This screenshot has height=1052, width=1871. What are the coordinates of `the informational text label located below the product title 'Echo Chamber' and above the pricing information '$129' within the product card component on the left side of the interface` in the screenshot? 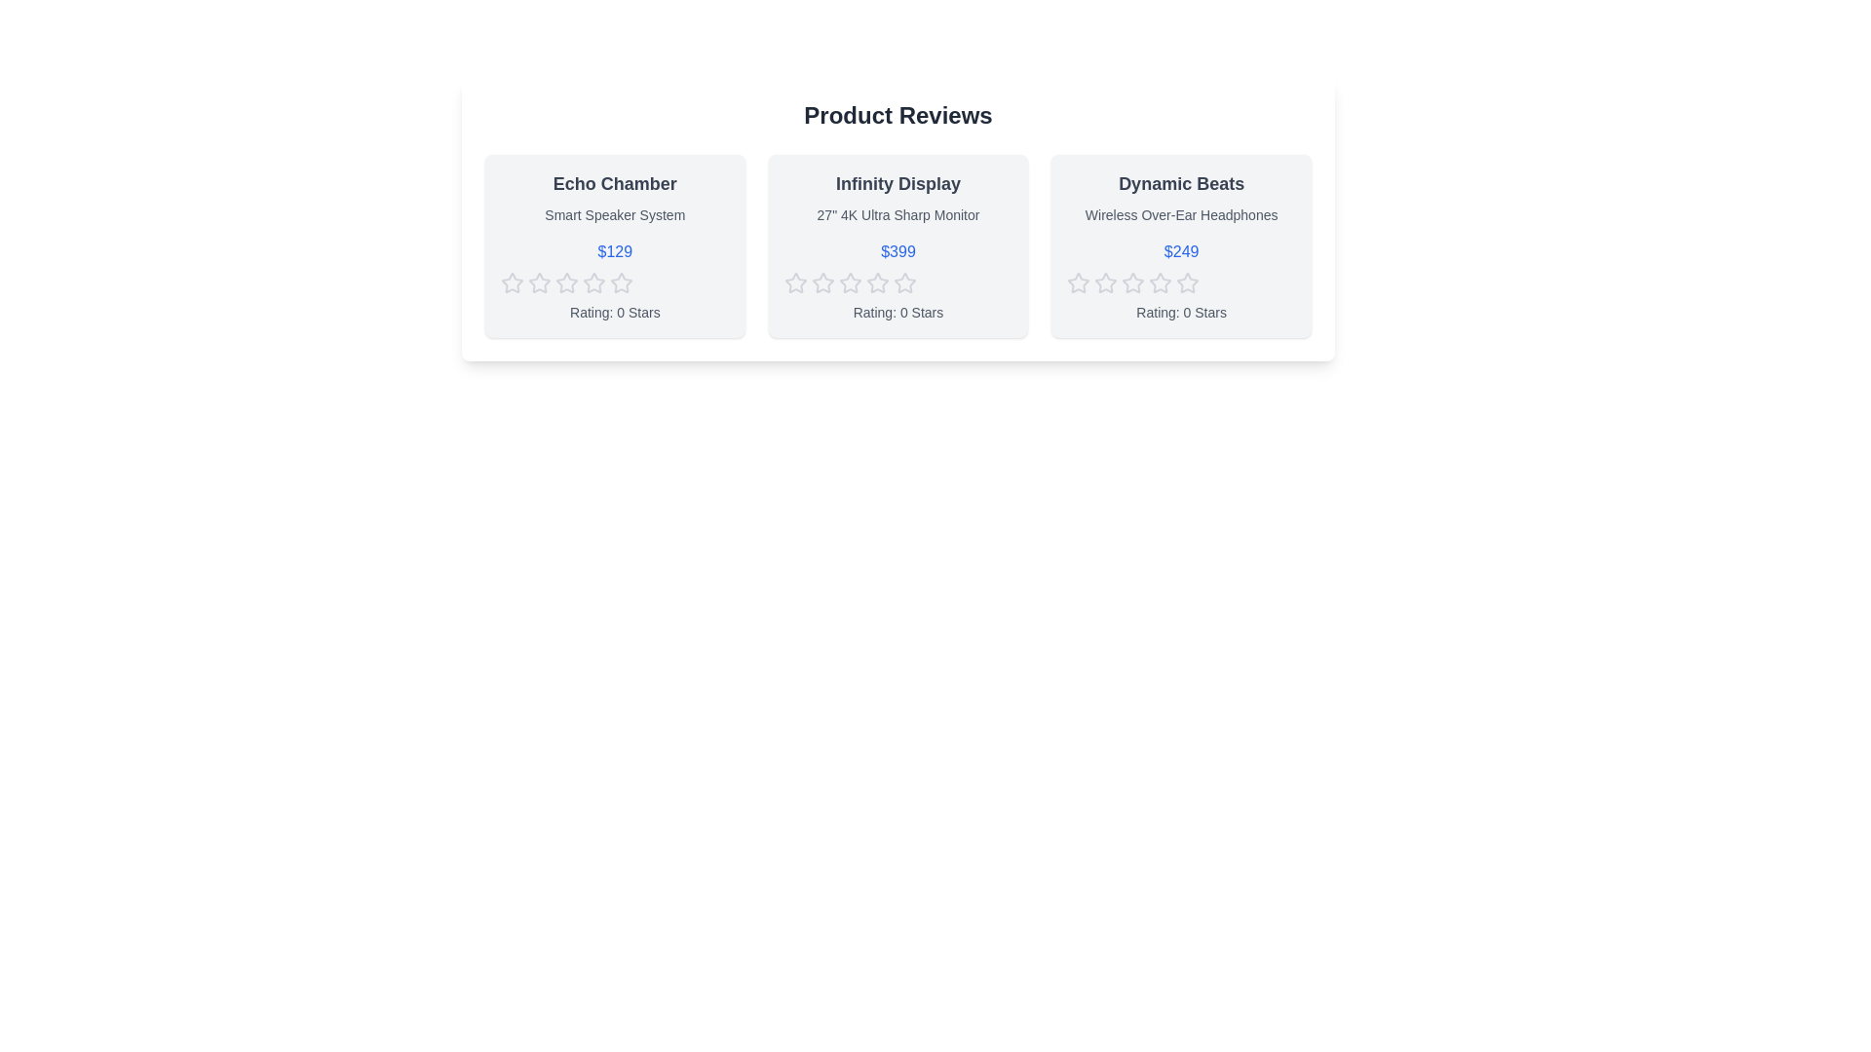 It's located at (614, 214).